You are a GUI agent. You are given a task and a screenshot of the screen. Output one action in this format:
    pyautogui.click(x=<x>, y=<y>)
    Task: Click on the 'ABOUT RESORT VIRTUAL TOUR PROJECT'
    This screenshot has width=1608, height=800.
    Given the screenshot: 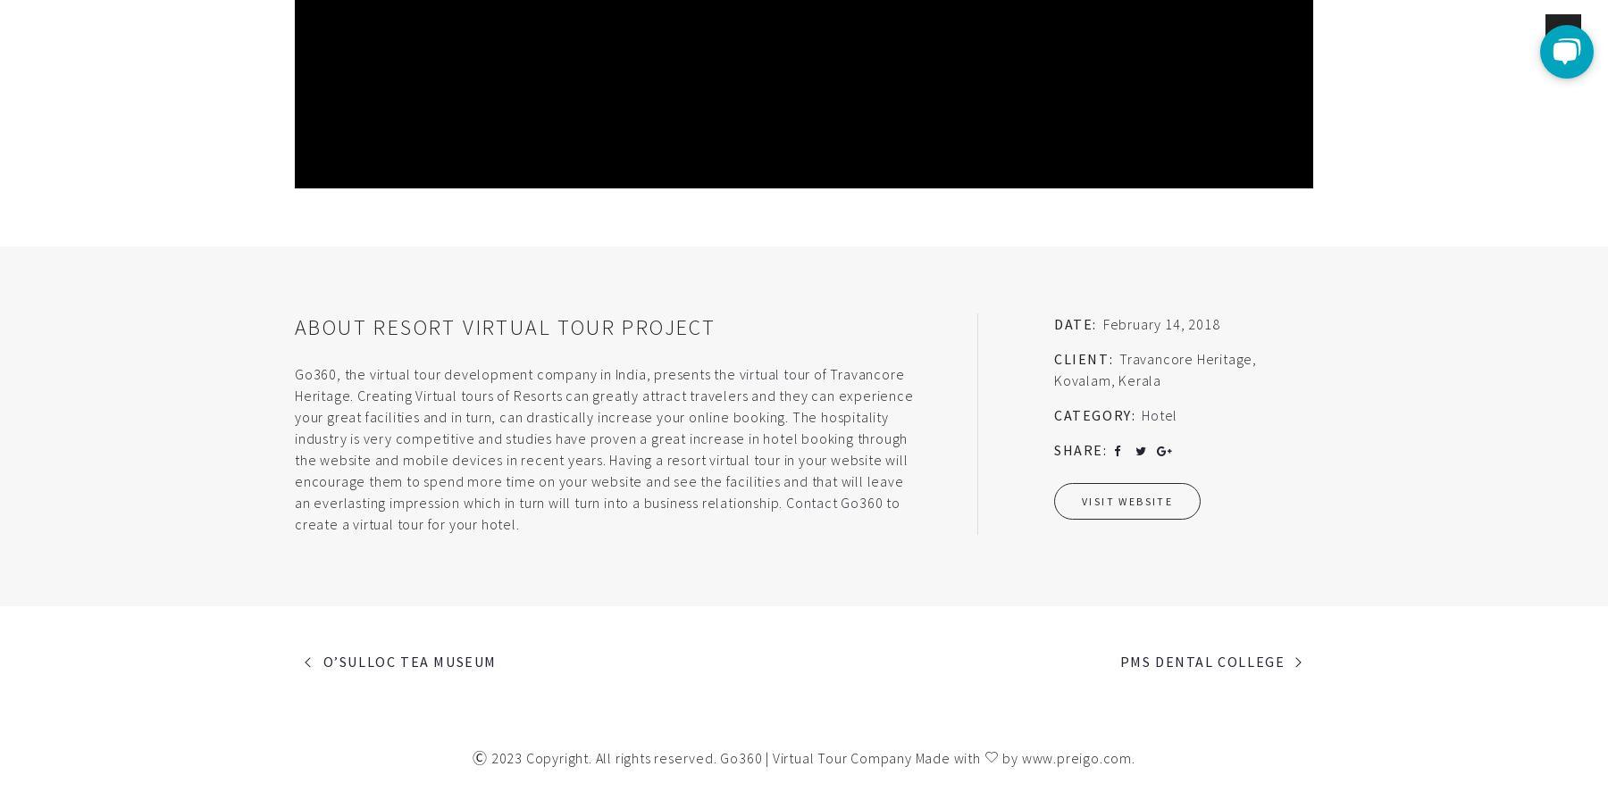 What is the action you would take?
    pyautogui.click(x=293, y=326)
    